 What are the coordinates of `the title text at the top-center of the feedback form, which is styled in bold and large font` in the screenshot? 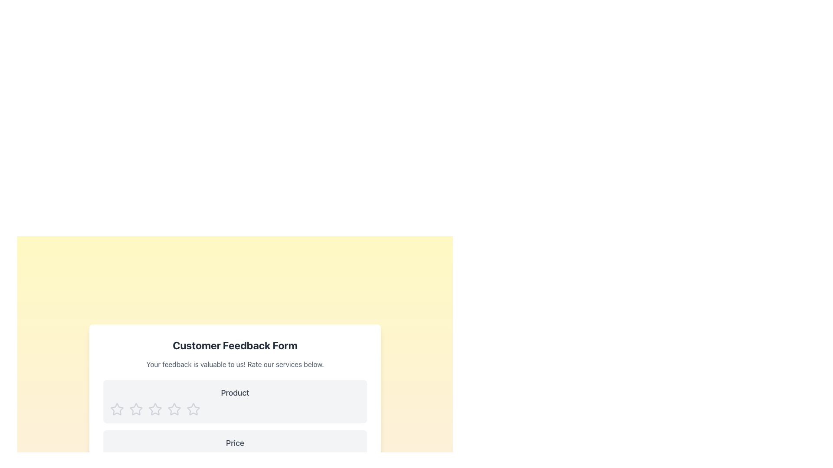 It's located at (235, 345).